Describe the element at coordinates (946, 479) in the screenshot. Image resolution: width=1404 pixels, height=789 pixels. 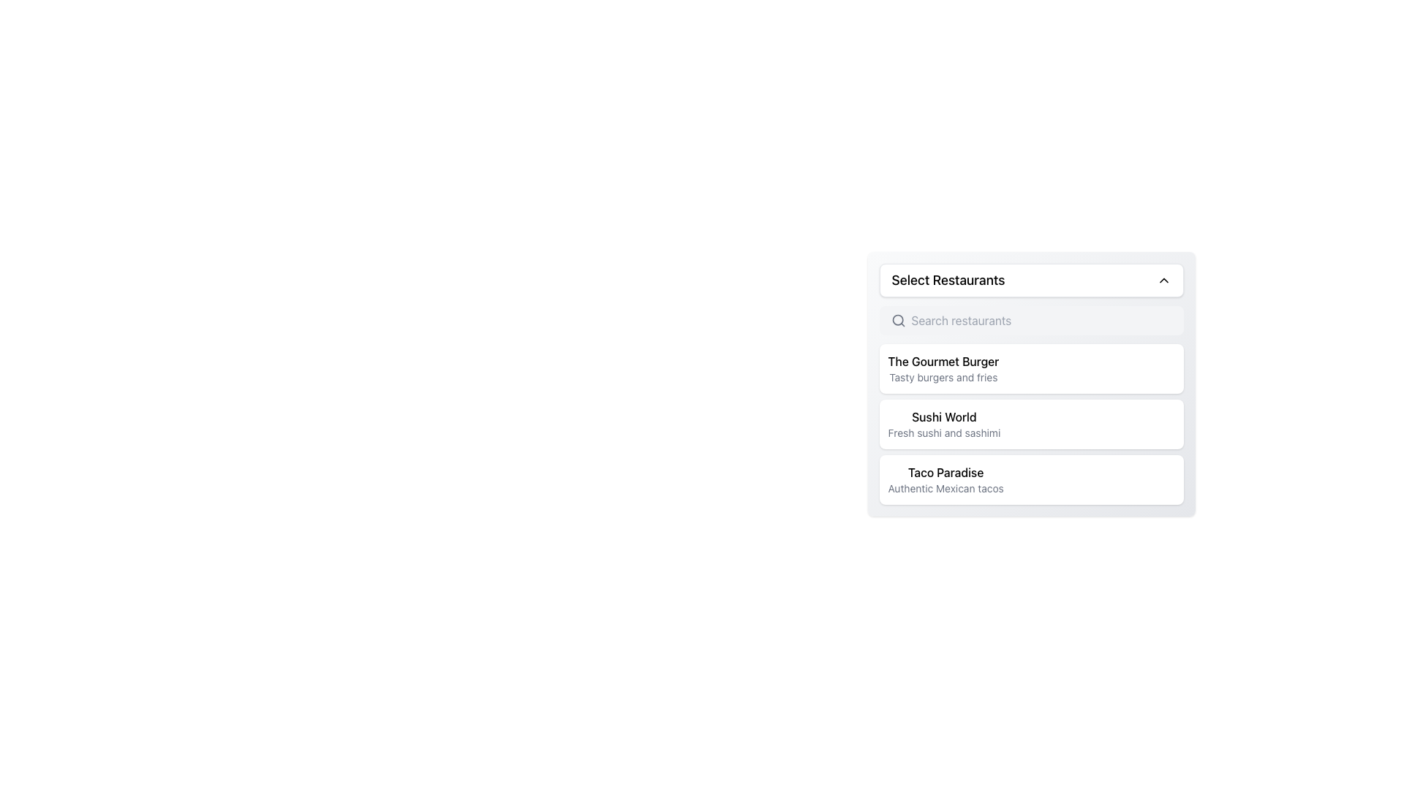
I see `the 'Taco Paradise' text element in the selectable card` at that location.